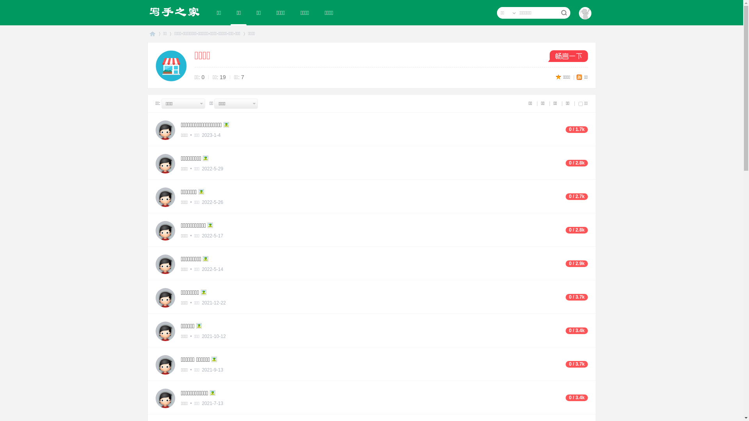 Image resolution: width=749 pixels, height=421 pixels. Describe the element at coordinates (563, 13) in the screenshot. I see `'true'` at that location.